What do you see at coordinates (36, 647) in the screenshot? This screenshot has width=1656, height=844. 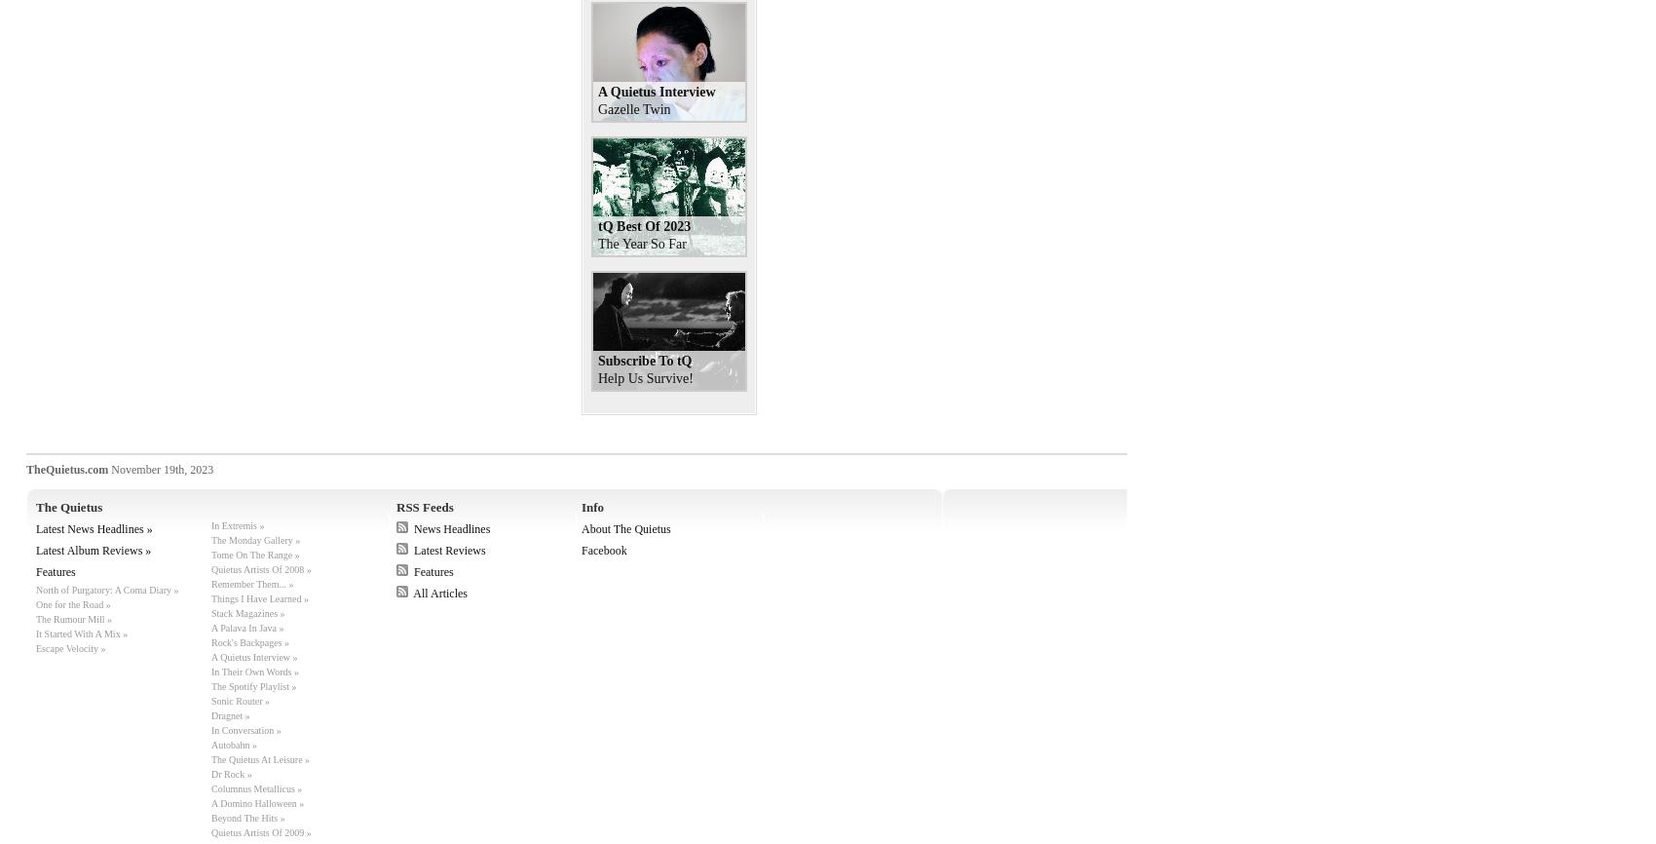 I see `'Escape Velocity »'` at bounding box center [36, 647].